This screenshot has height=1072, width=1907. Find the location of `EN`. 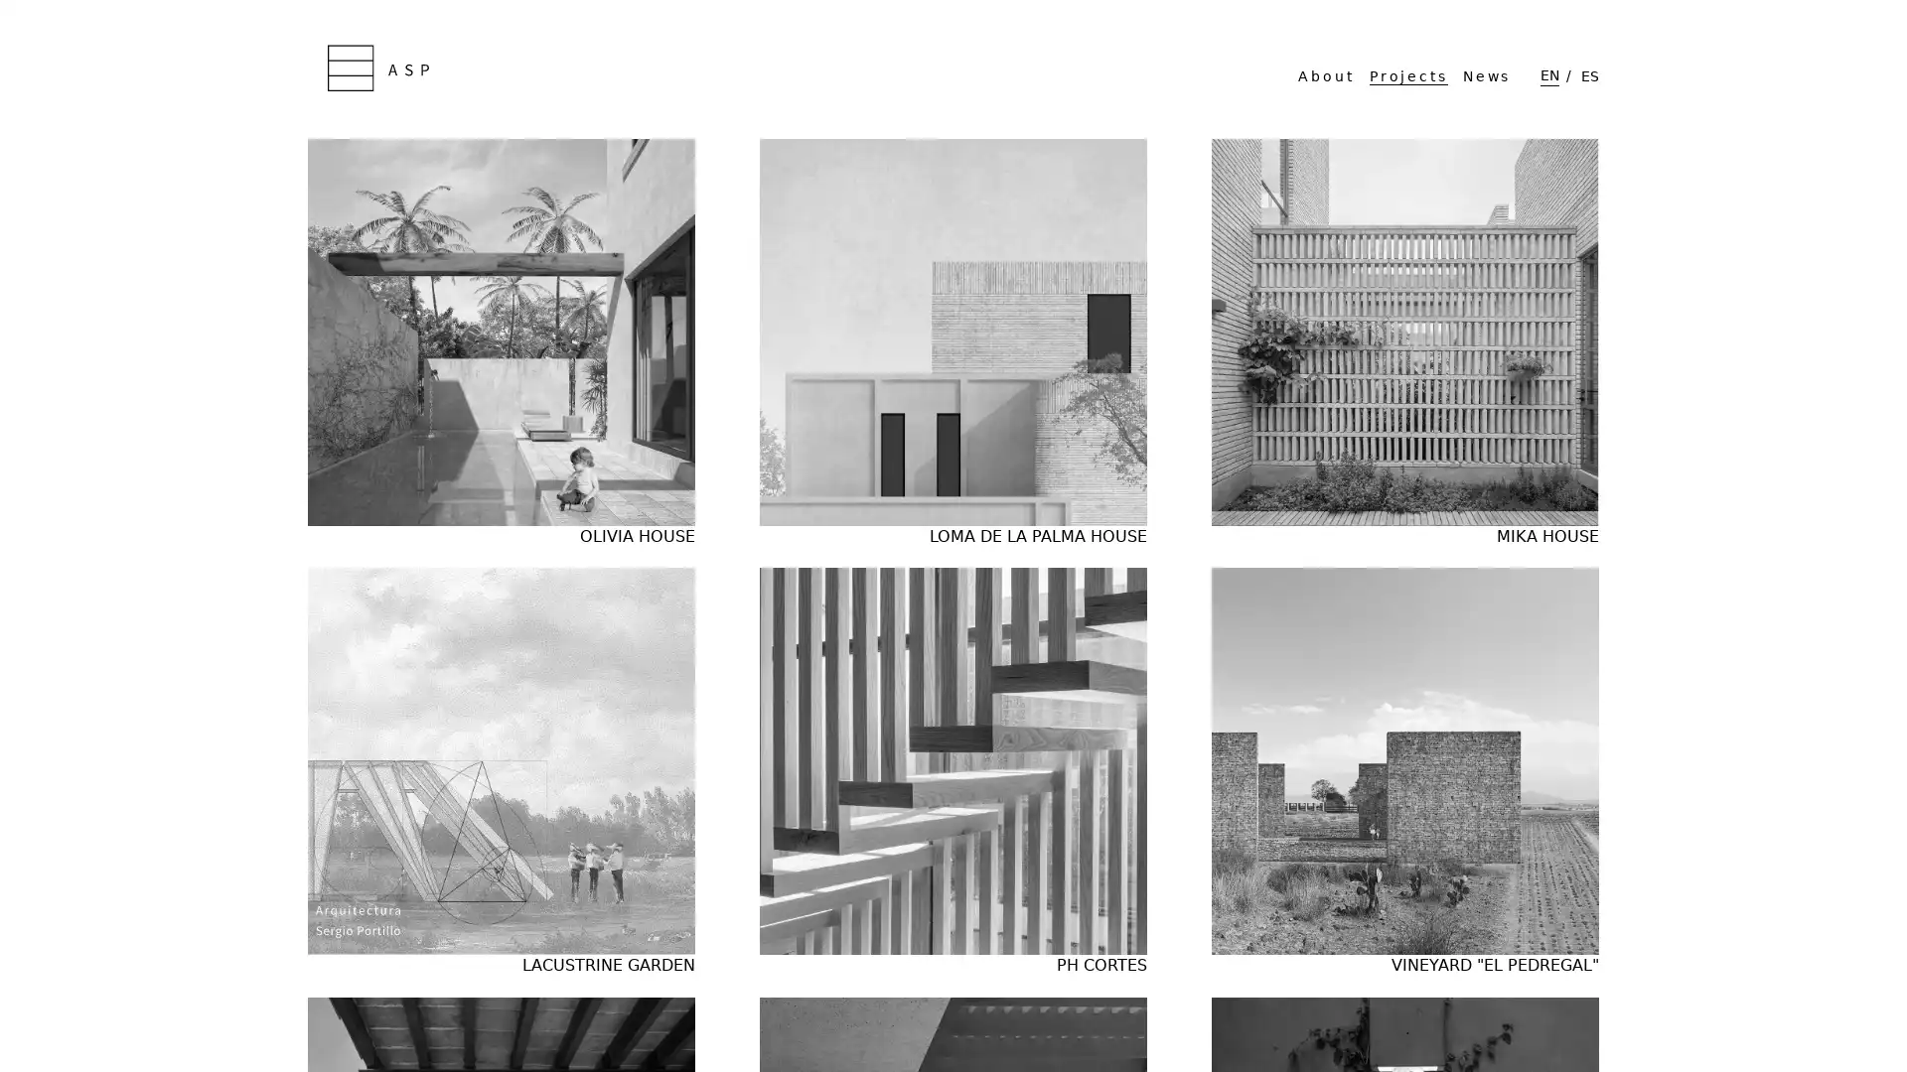

EN is located at coordinates (1548, 74).